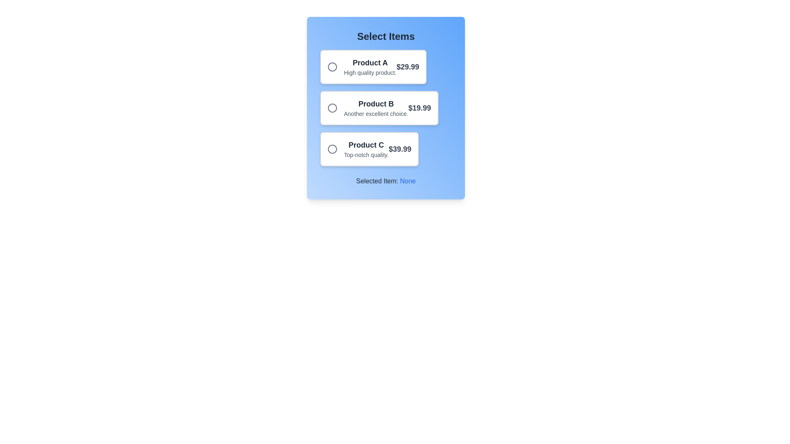  I want to click on the circular radio button with a gray outline and white background located in the top-left corner of the option card for 'Product C', so click(336, 149).